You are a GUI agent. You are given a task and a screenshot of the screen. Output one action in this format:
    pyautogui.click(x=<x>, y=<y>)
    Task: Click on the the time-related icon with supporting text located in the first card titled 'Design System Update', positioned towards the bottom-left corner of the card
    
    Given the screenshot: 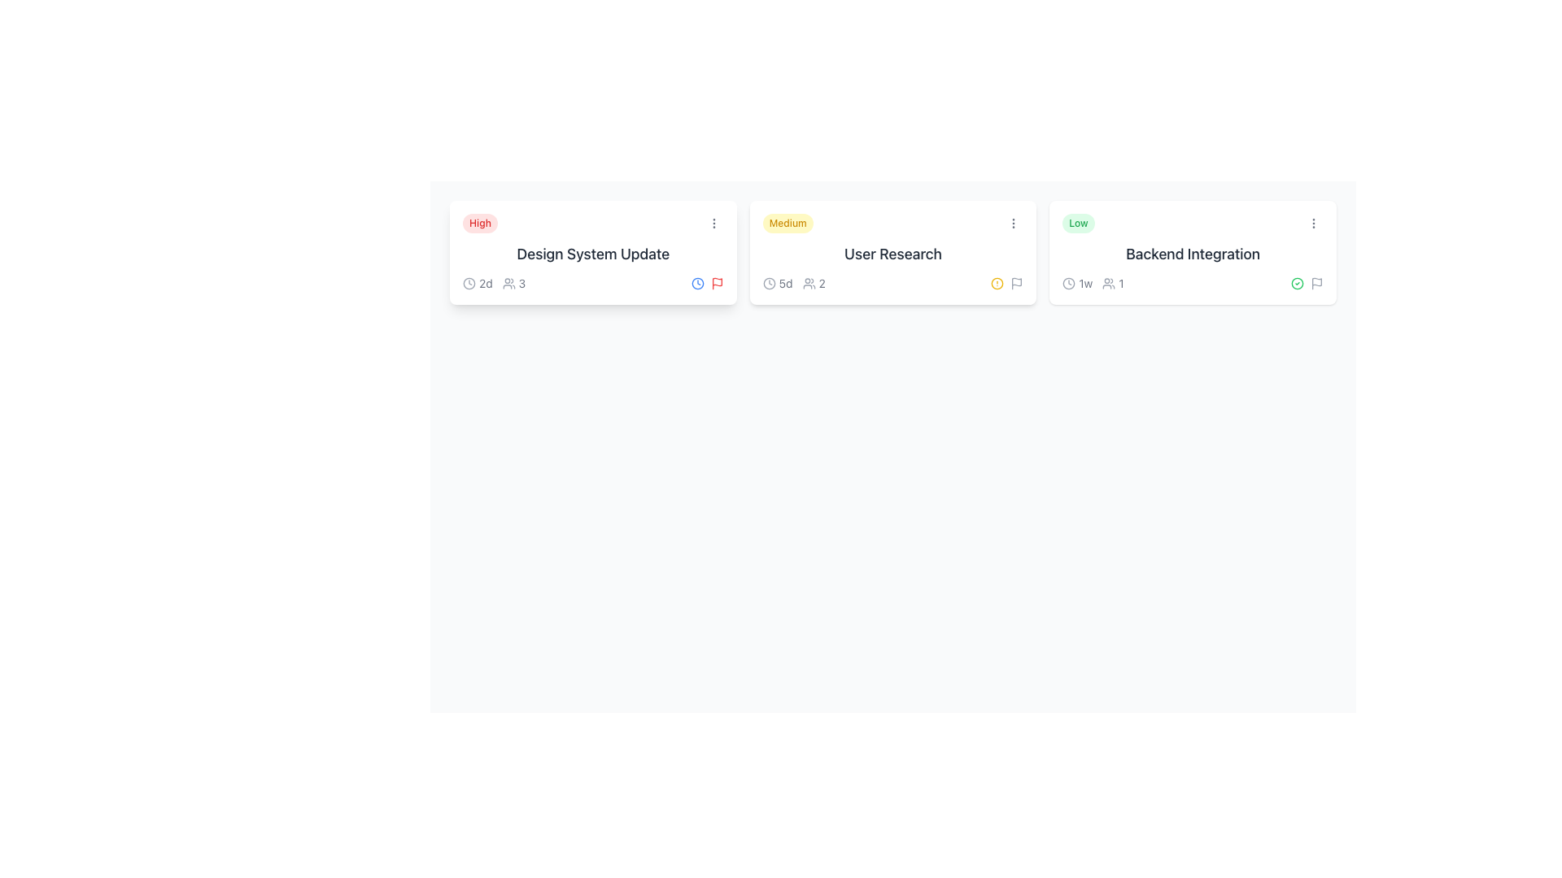 What is the action you would take?
    pyautogui.click(x=477, y=282)
    